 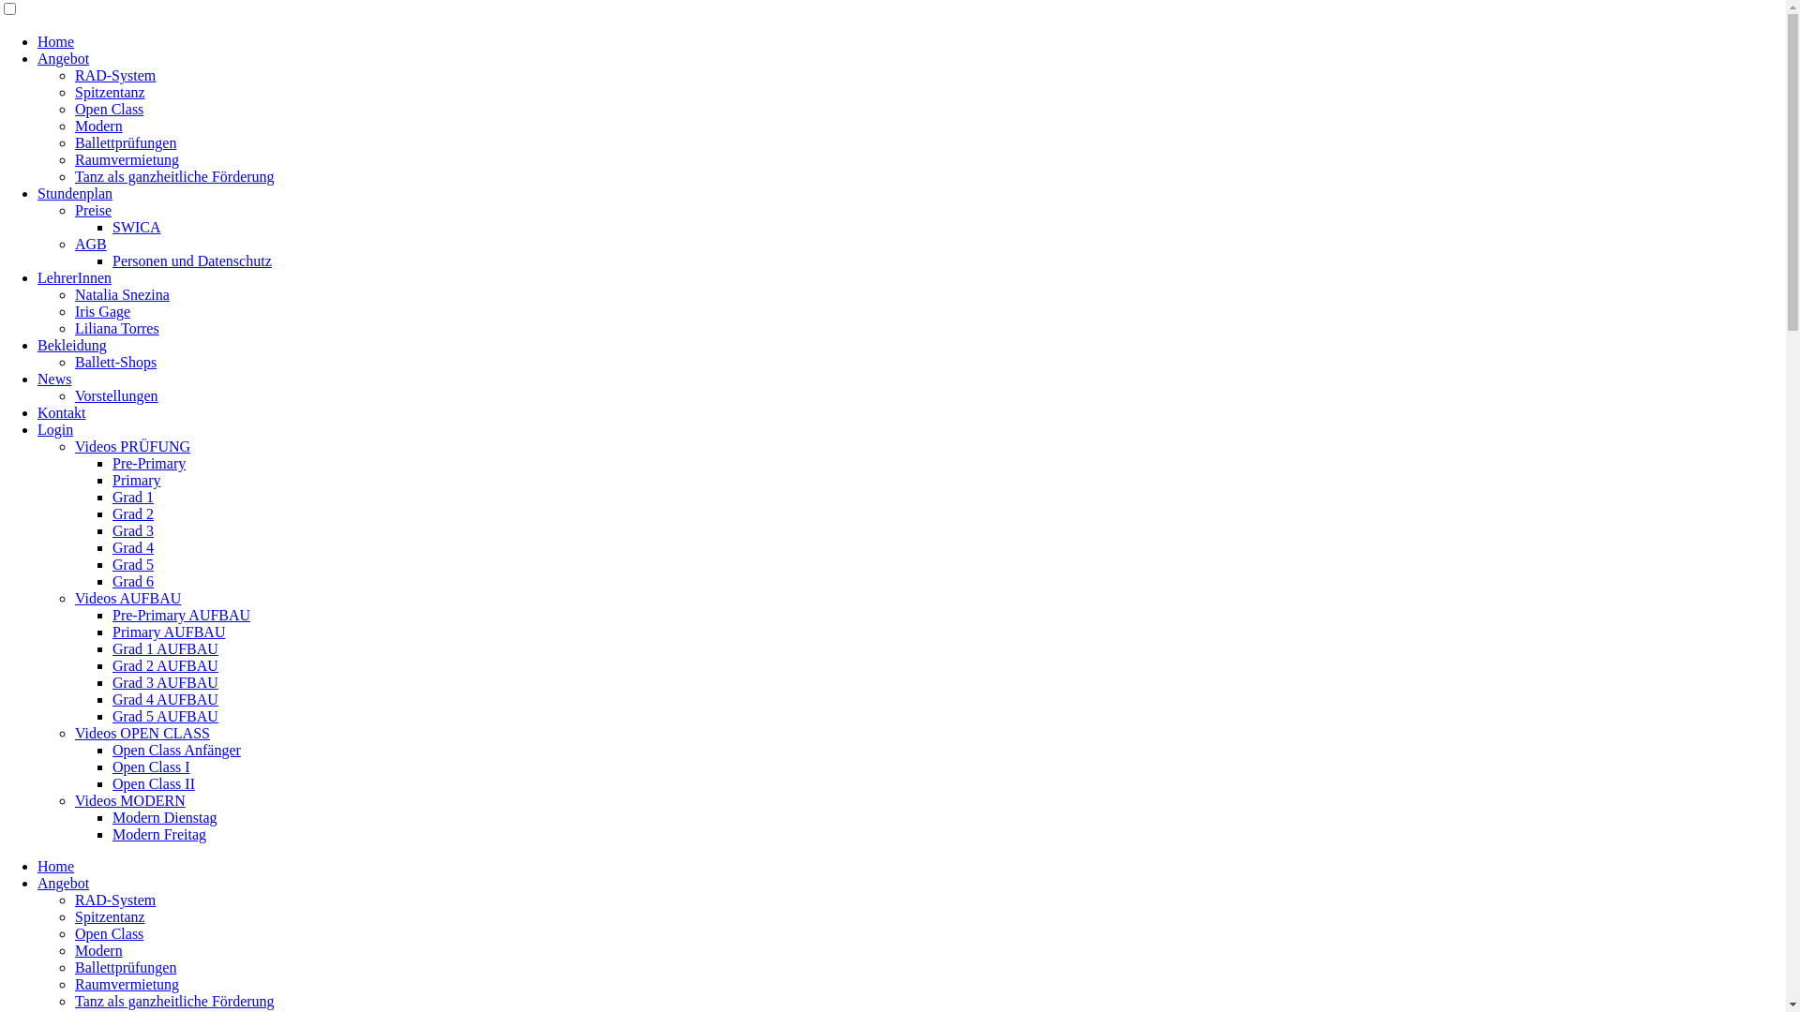 I want to click on 'Preise', so click(x=92, y=210).